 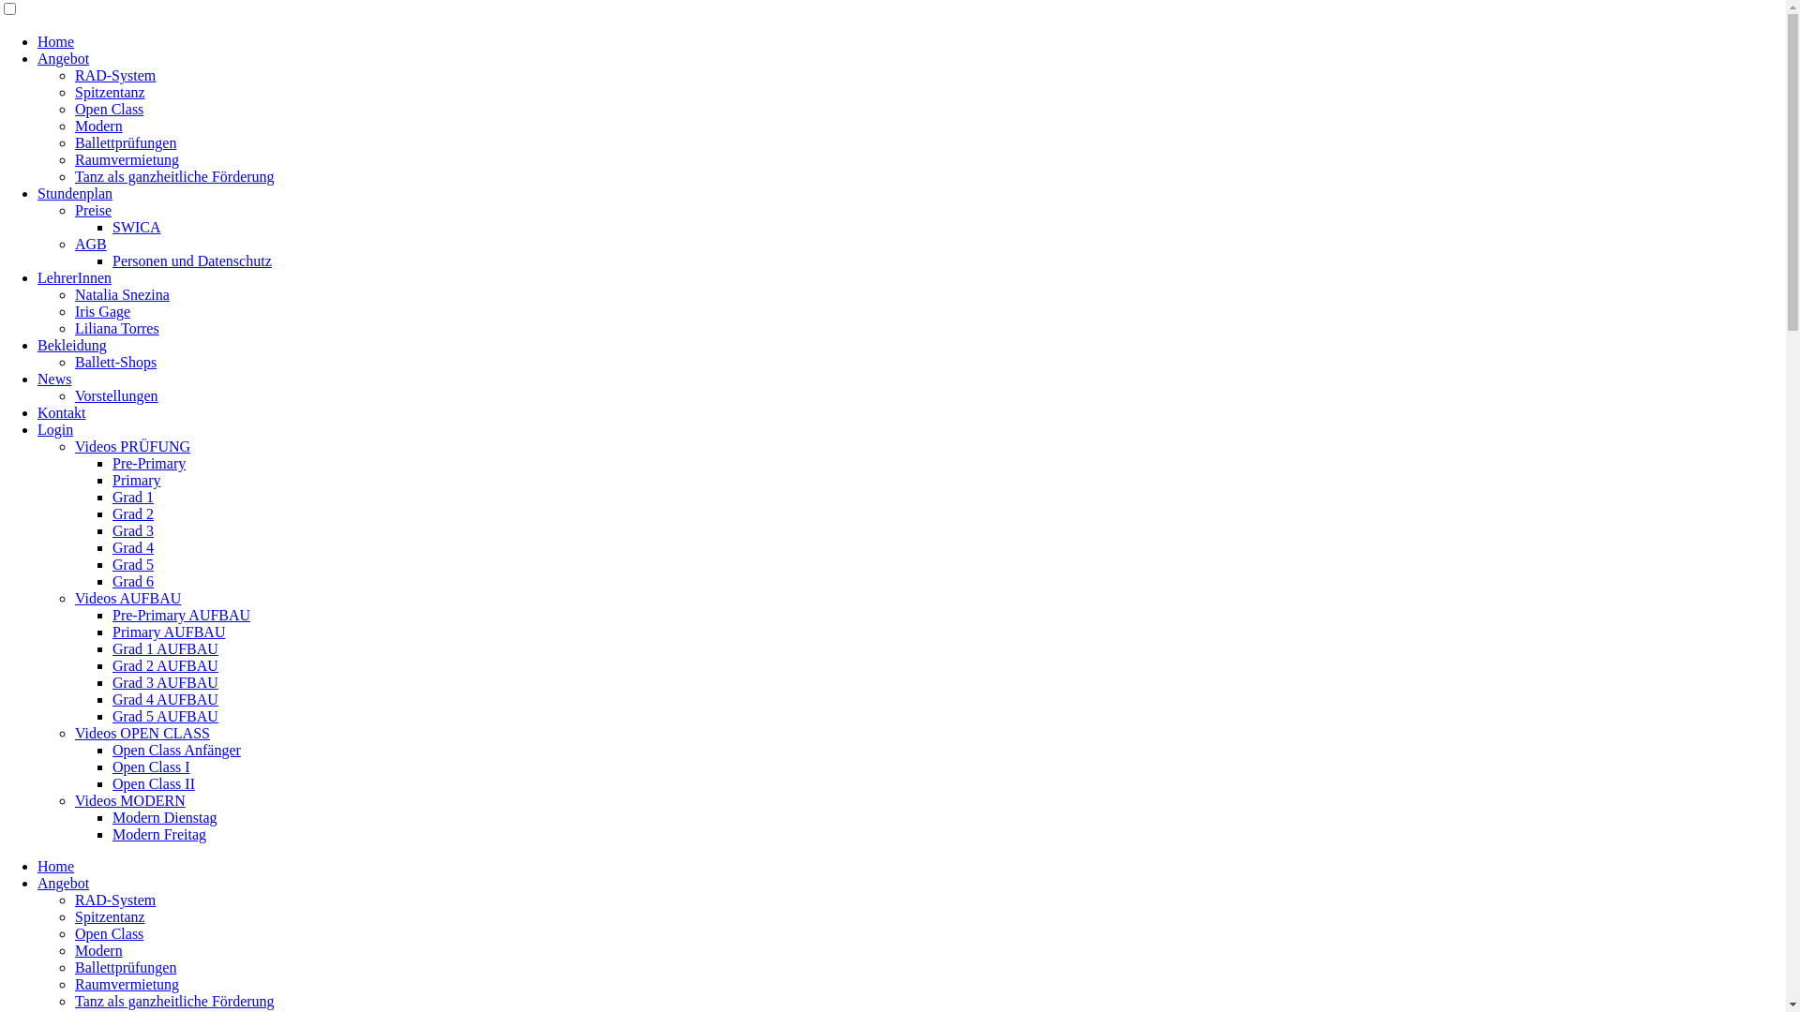 I want to click on 'Preise', so click(x=92, y=210).